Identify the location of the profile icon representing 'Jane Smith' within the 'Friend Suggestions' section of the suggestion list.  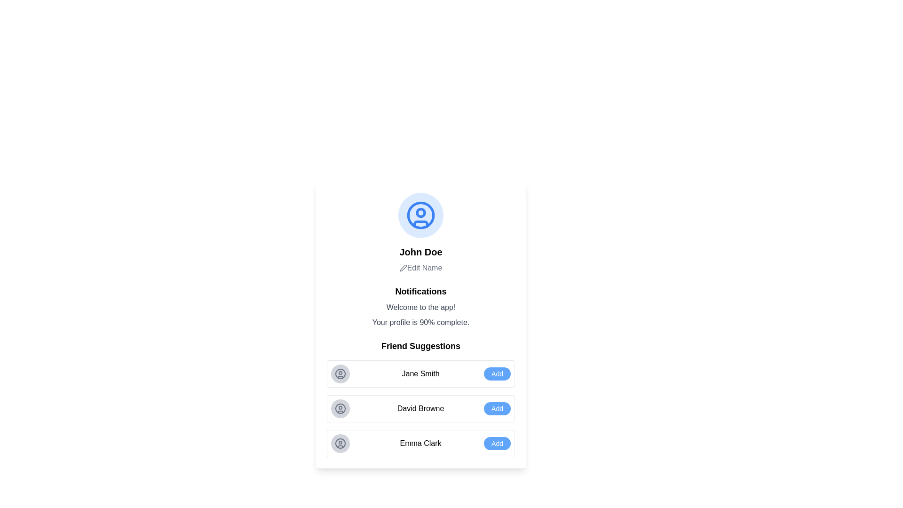
(340, 373).